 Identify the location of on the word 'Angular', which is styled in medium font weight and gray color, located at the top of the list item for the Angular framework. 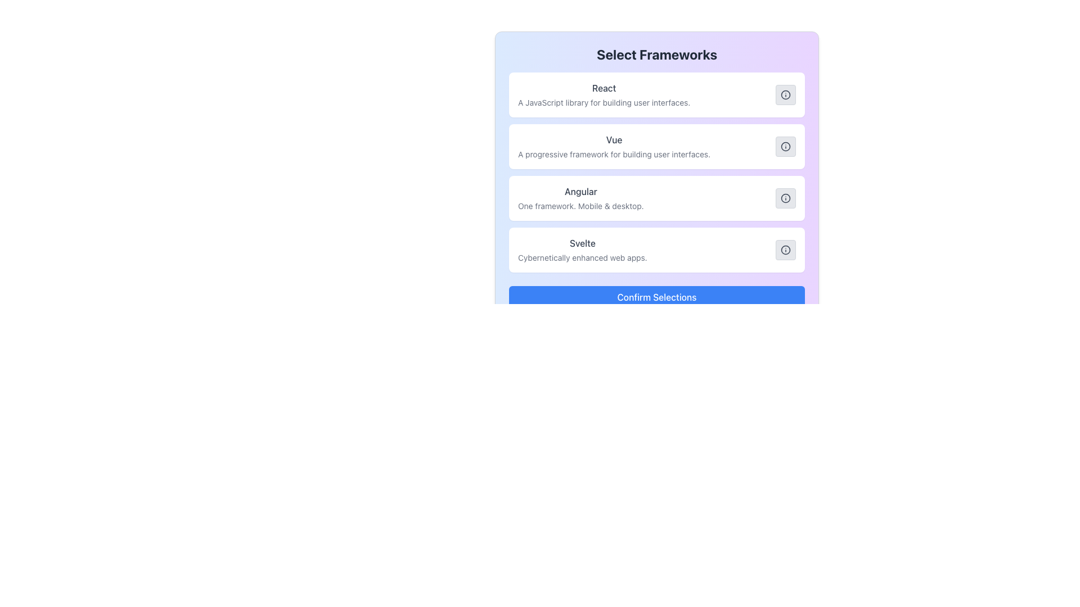
(580, 191).